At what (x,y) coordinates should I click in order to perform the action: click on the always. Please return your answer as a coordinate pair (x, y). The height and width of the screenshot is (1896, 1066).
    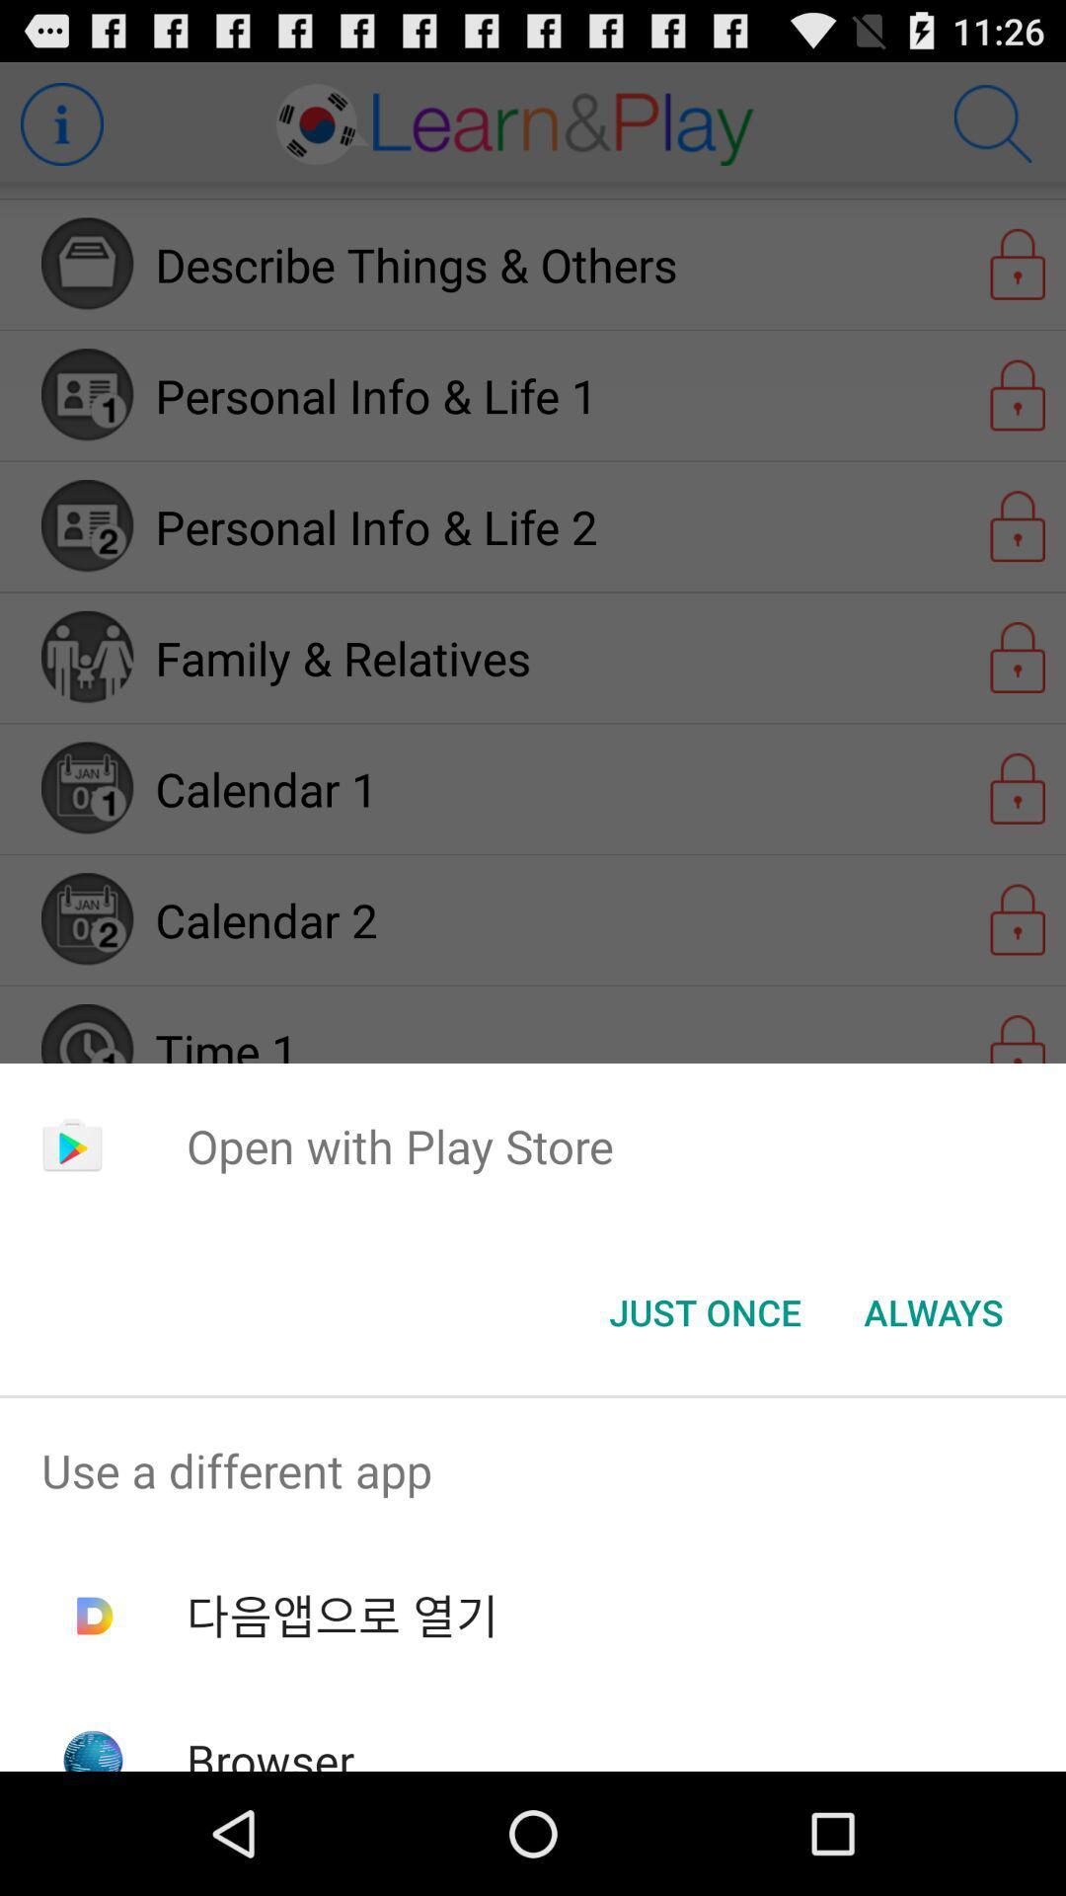
    Looking at the image, I should click on (933, 1312).